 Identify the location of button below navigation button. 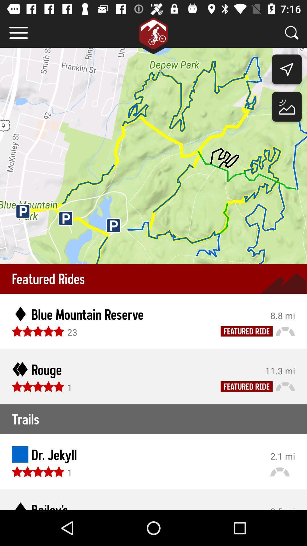
(287, 108).